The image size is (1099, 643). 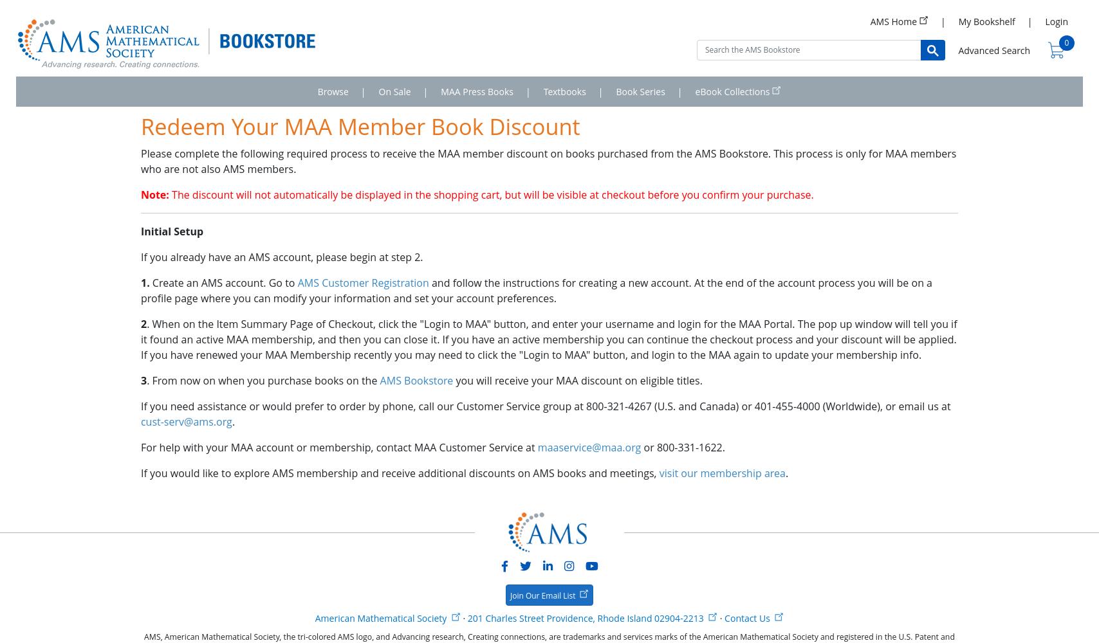 What do you see at coordinates (140, 324) in the screenshot?
I see `'2'` at bounding box center [140, 324].